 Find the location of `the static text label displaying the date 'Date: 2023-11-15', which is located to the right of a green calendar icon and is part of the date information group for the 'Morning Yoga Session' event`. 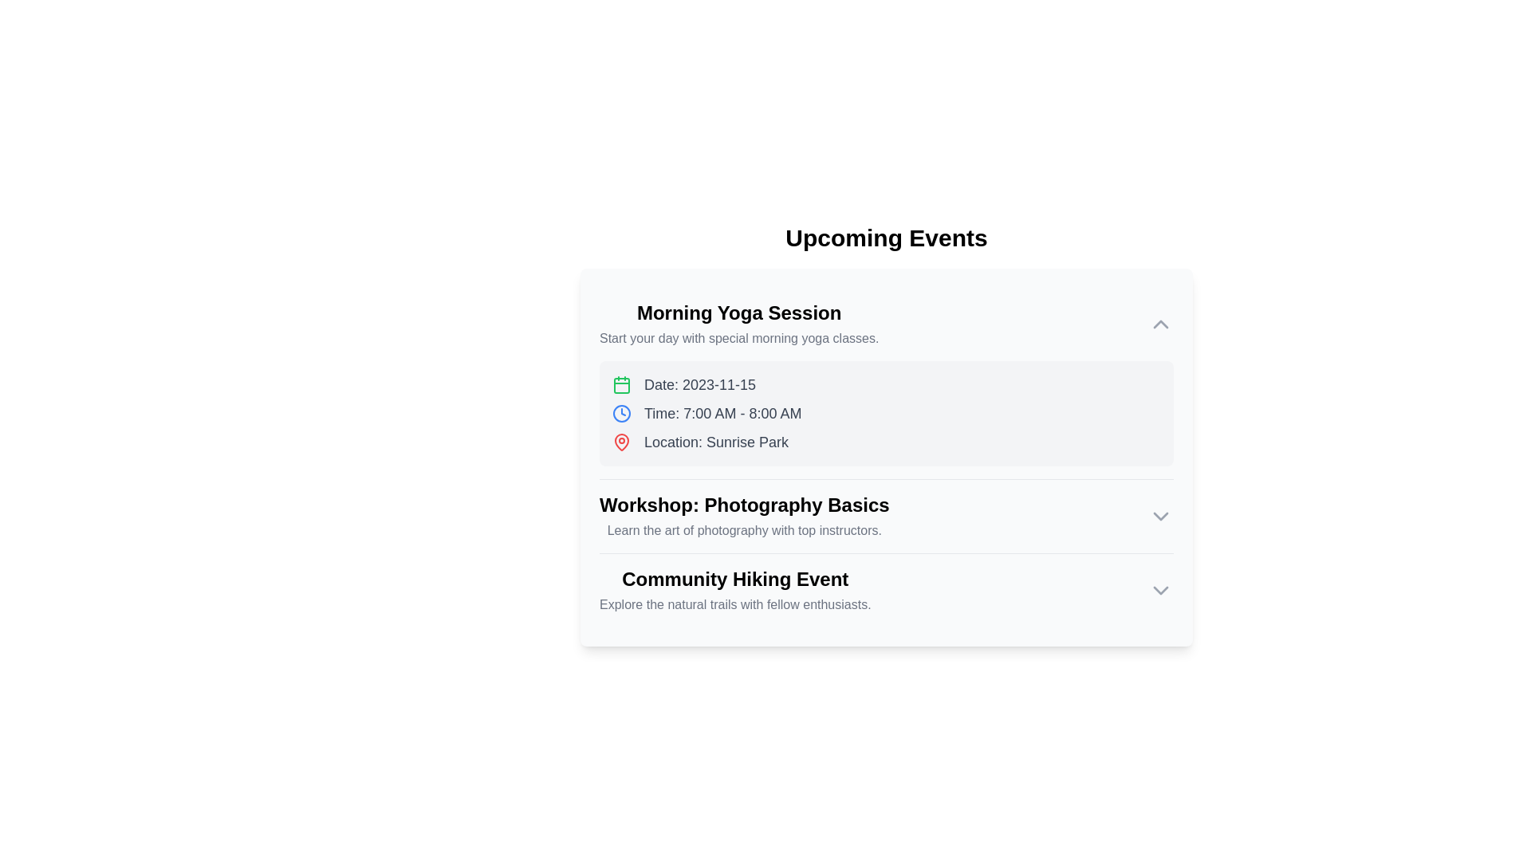

the static text label displaying the date 'Date: 2023-11-15', which is located to the right of a green calendar icon and is part of the date information group for the 'Morning Yoga Session' event is located at coordinates (700, 384).